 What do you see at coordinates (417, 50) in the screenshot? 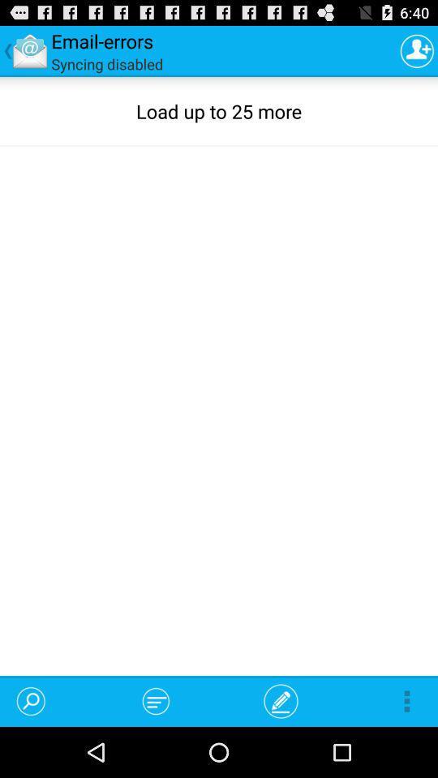
I see `the icon at the top right corner` at bounding box center [417, 50].